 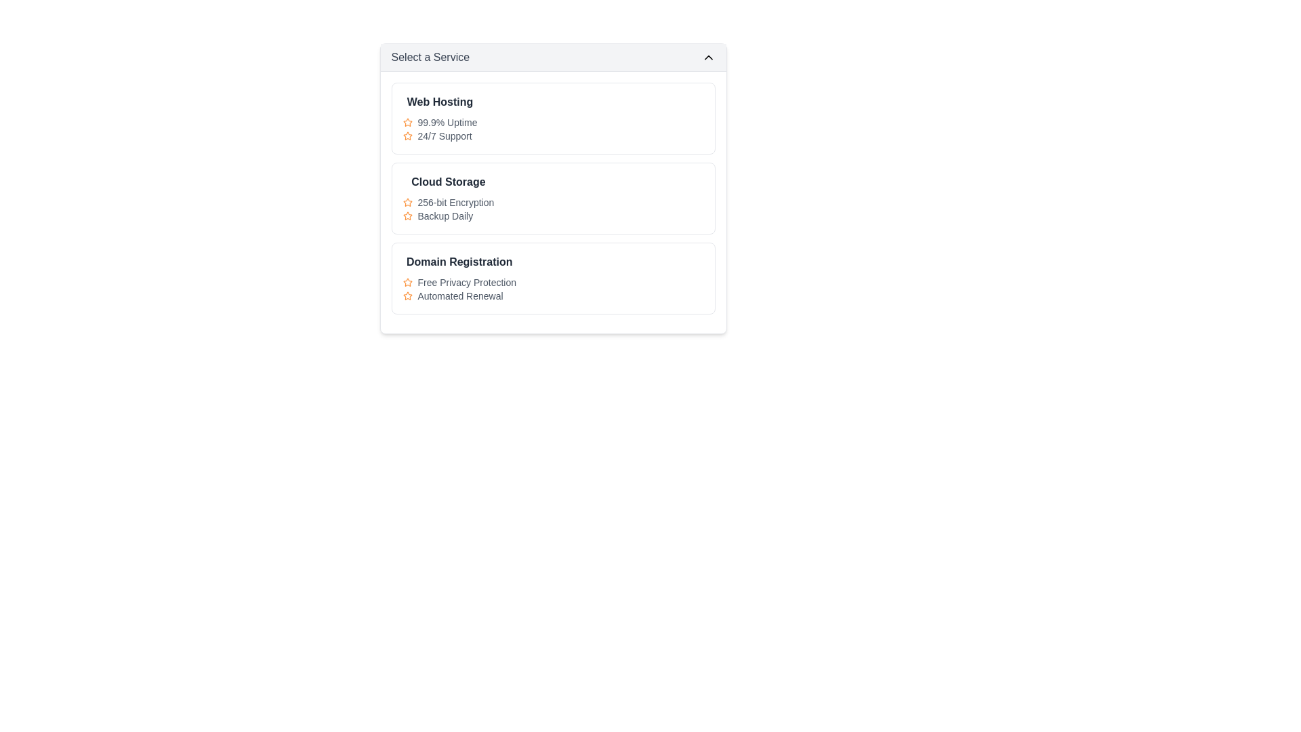 What do you see at coordinates (707, 56) in the screenshot?
I see `the upward-facing chevron icon` at bounding box center [707, 56].